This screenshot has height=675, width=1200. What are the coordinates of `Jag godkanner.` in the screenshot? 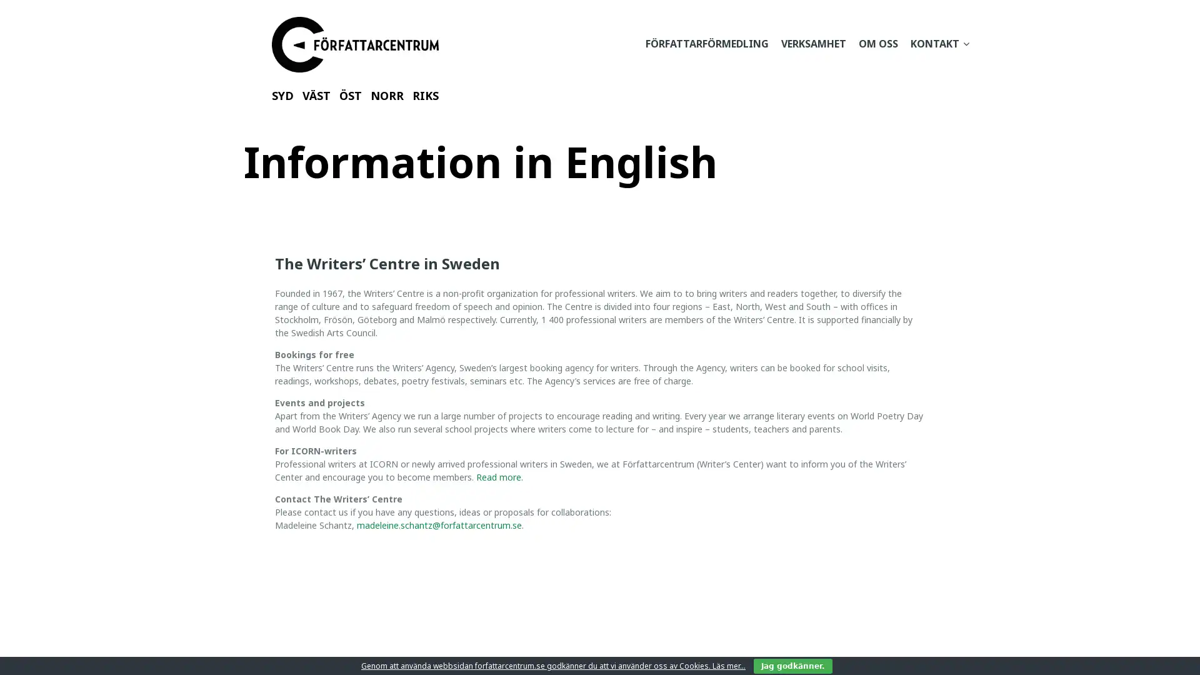 It's located at (792, 665).